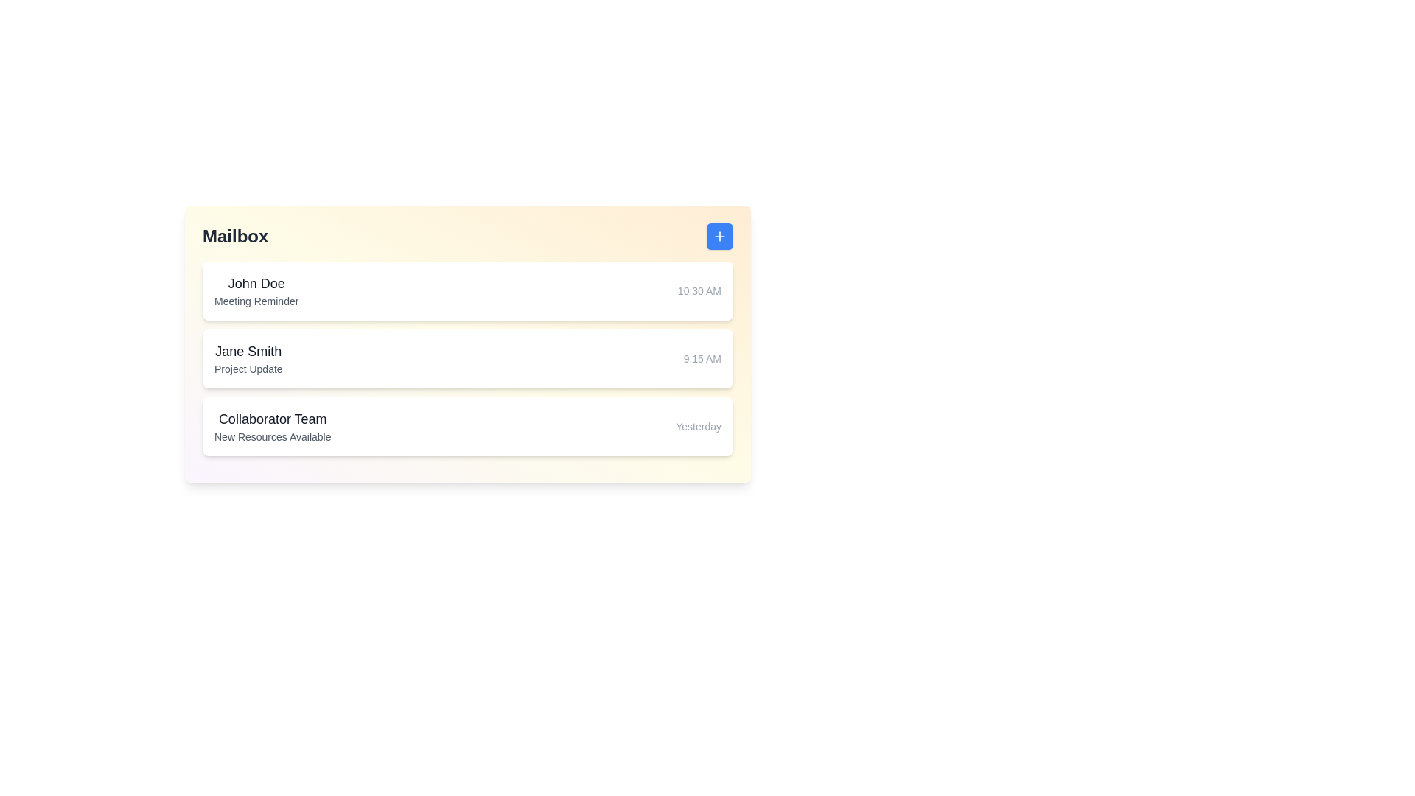  Describe the element at coordinates (467, 426) in the screenshot. I see `the mail item corresponding to Collaborator Team - New Resources Available to view its details` at that location.